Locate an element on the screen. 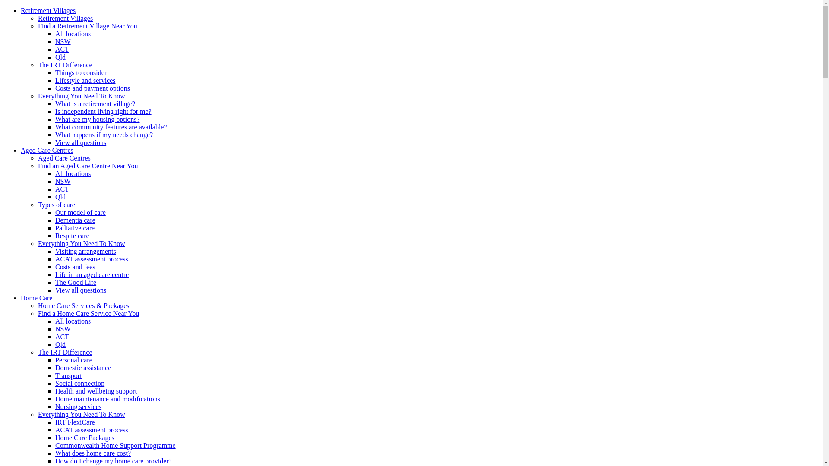 The height and width of the screenshot is (466, 829). 'What community features are available?' is located at coordinates (55, 127).